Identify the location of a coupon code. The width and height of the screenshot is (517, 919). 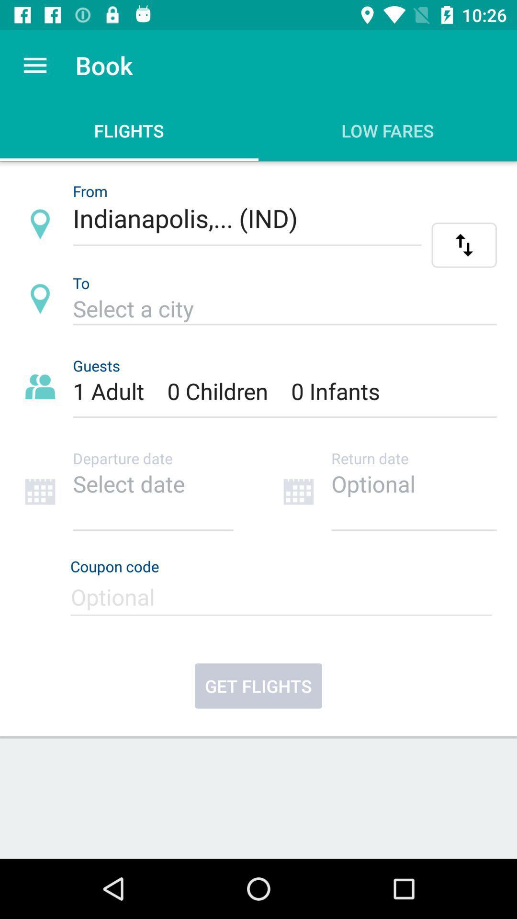
(283, 600).